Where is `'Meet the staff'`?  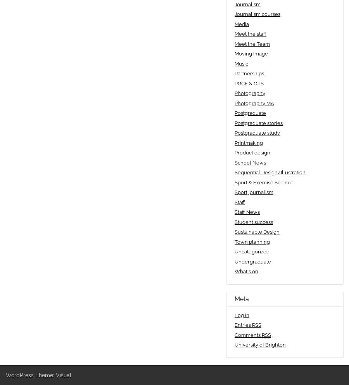
'Meet the staff' is located at coordinates (234, 33).